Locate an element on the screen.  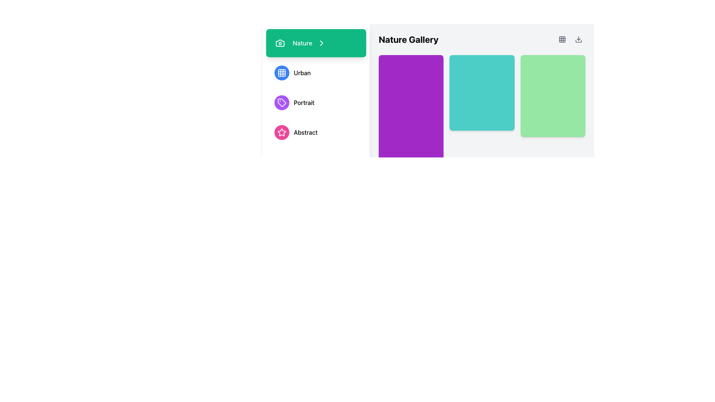
the 'Nature' button which contains the camera icon is located at coordinates (280, 43).